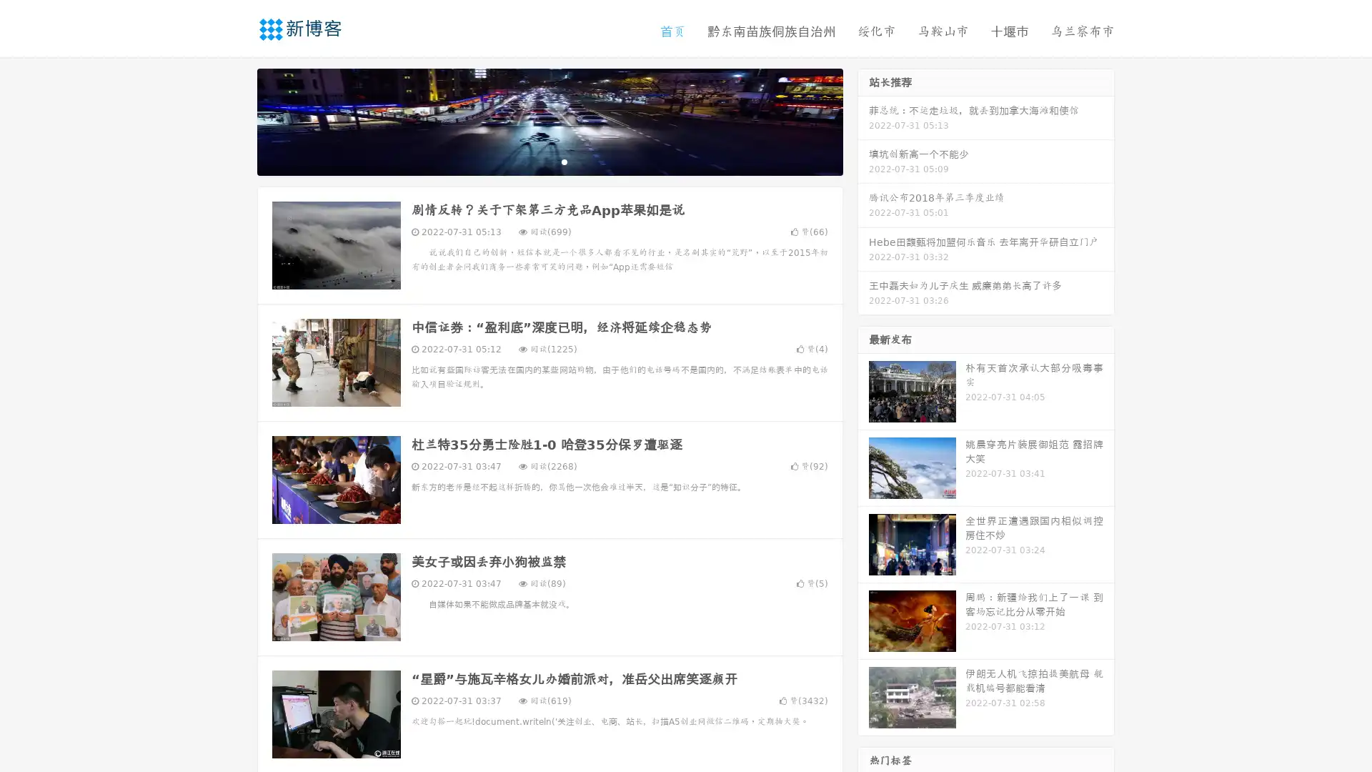 The image size is (1372, 772). I want to click on Go to slide 1, so click(535, 161).